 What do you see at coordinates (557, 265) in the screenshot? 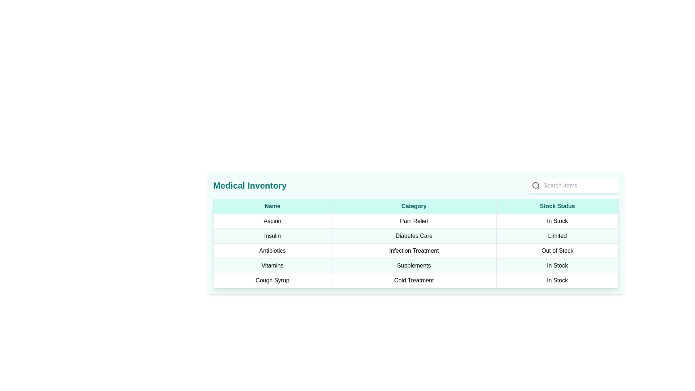
I see `the Text Label indicating stock availability for 'Vitamins' in the 'Stock Status' column of the table, which is the last cell of the row corresponding to 'Vitamins'` at bounding box center [557, 265].